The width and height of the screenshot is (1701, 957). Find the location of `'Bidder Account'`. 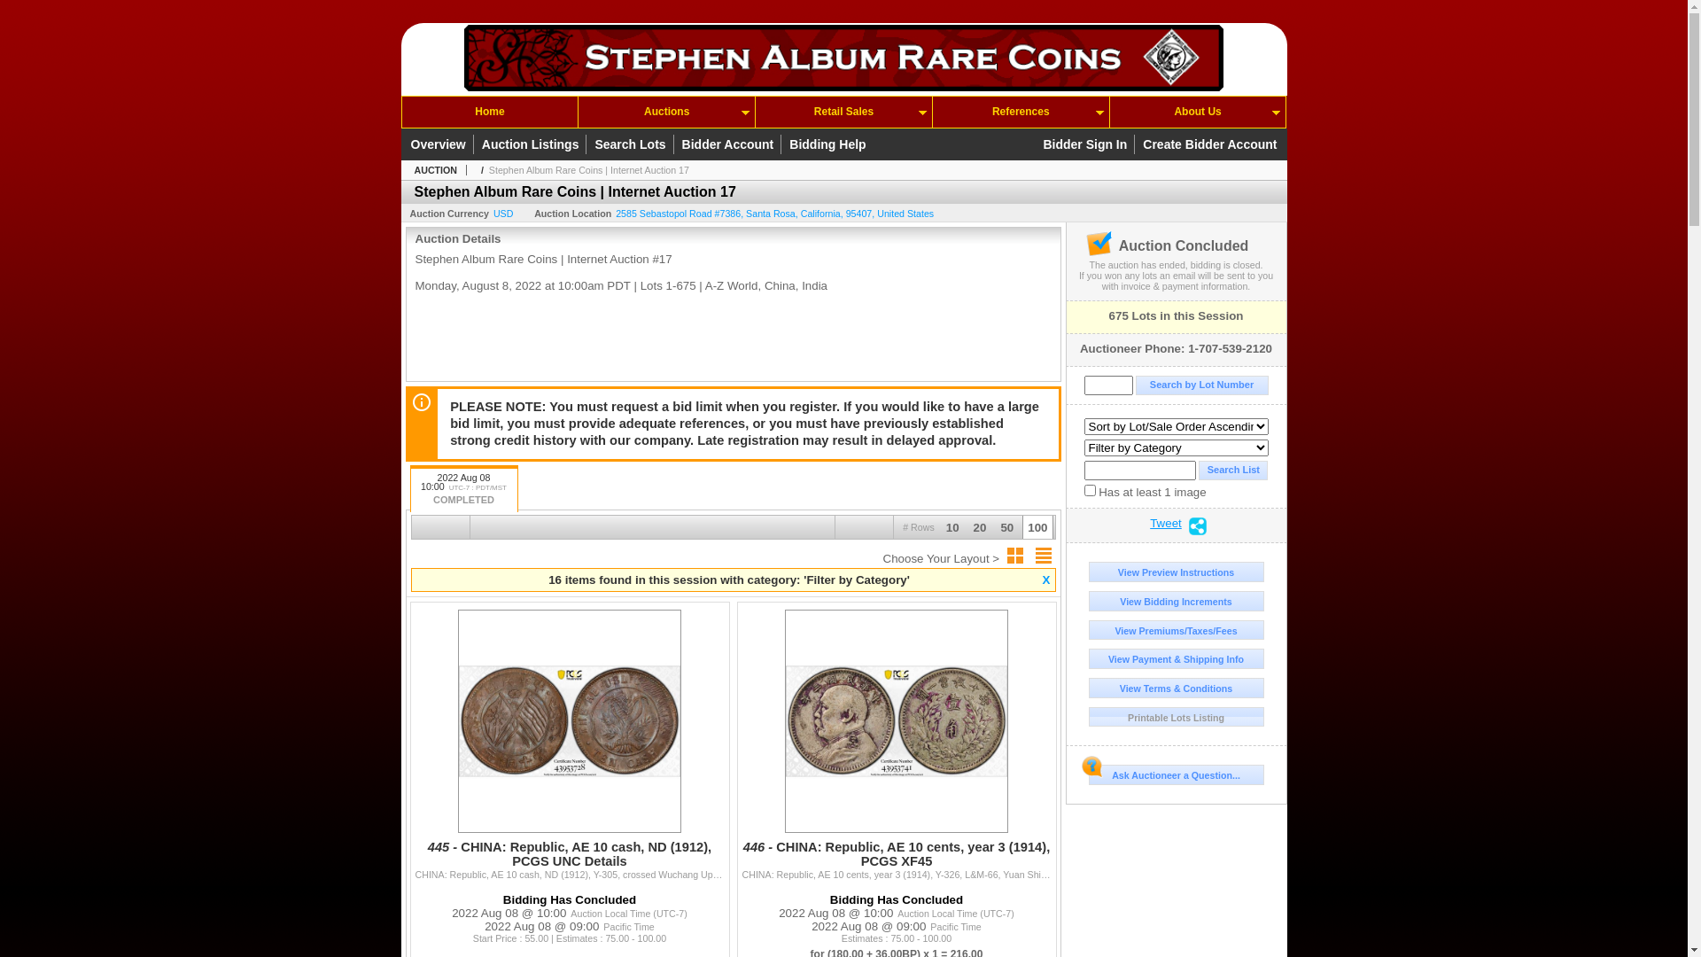

'Bidder Account' is located at coordinates (731, 143).